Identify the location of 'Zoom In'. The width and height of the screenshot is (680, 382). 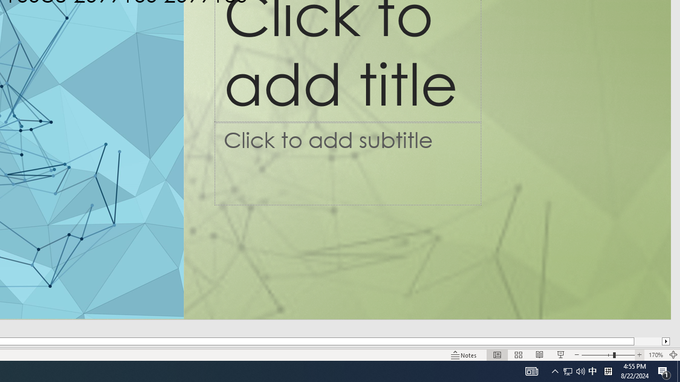
(639, 355).